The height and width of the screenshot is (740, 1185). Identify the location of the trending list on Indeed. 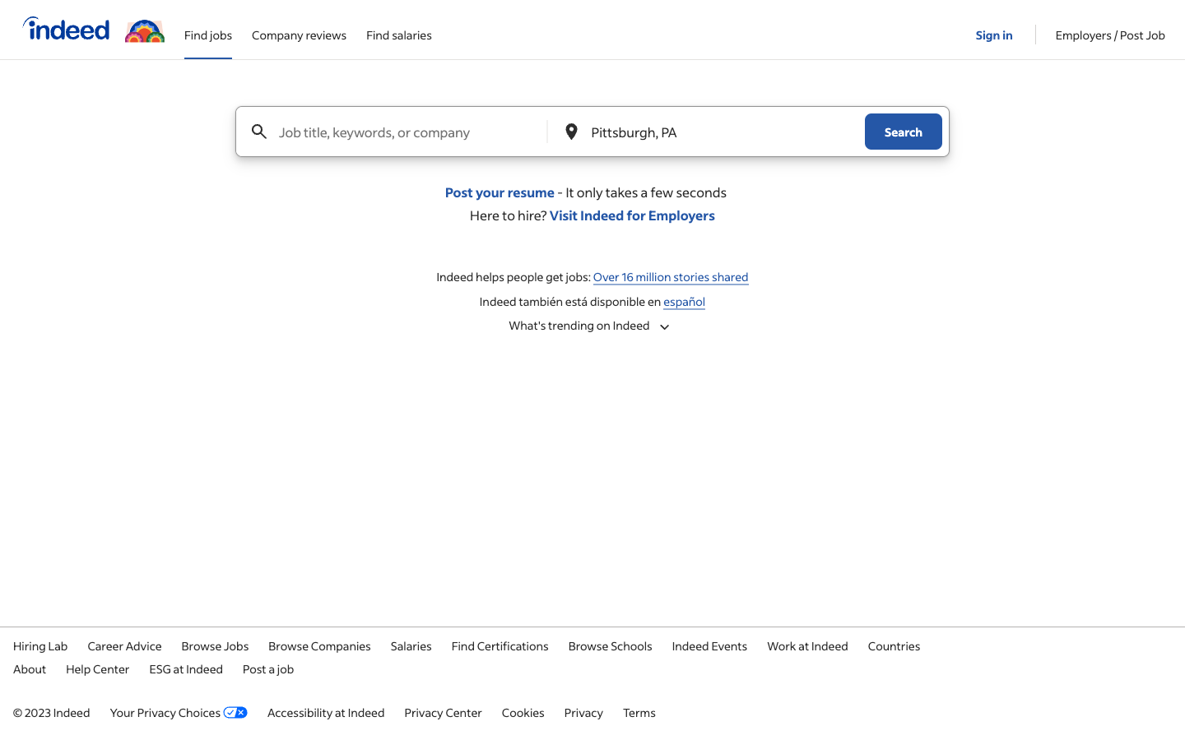
(592, 325).